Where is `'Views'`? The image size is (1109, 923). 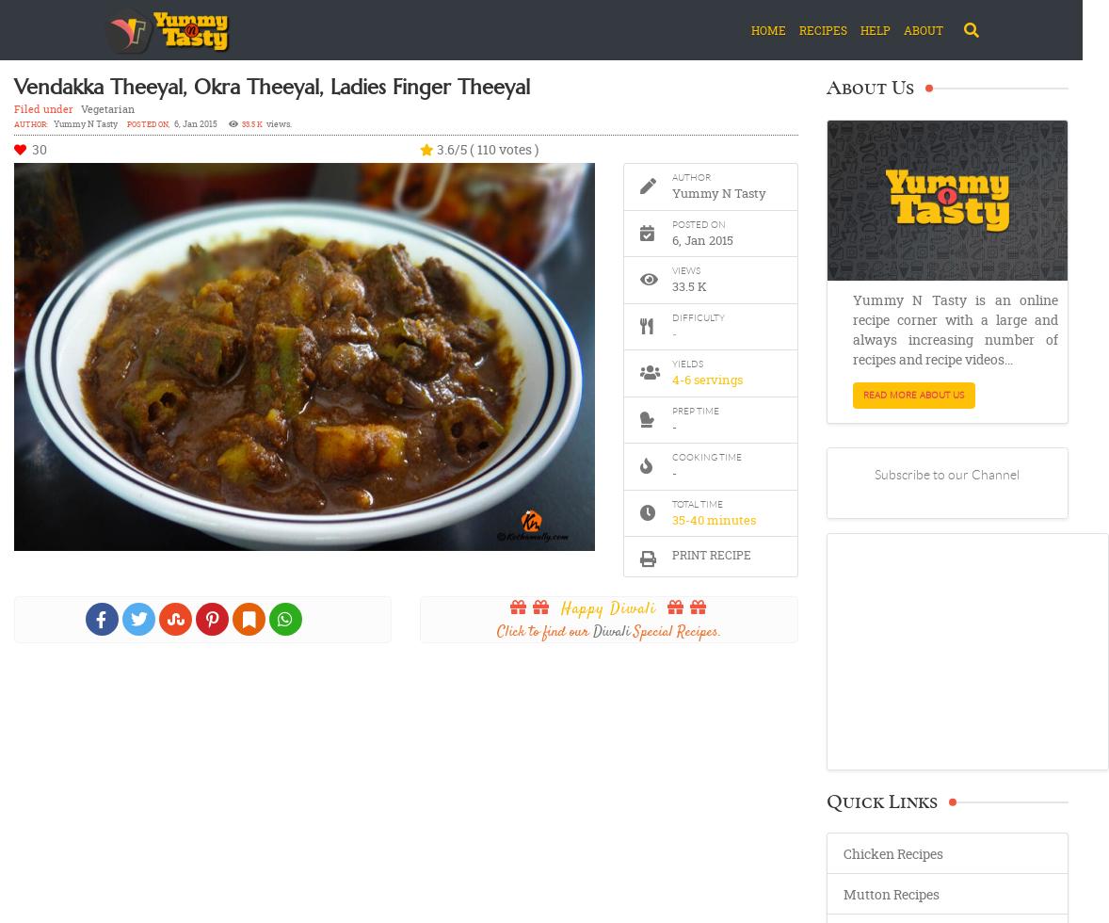
'Views' is located at coordinates (670, 270).